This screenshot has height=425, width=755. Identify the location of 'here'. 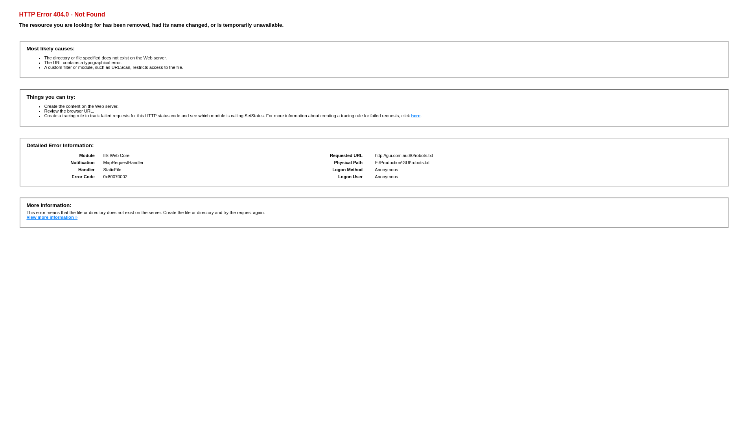
(415, 115).